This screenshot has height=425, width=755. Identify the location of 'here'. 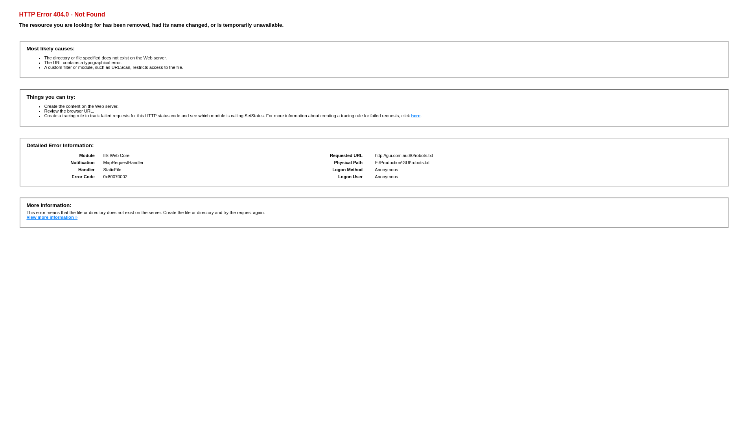
(415, 115).